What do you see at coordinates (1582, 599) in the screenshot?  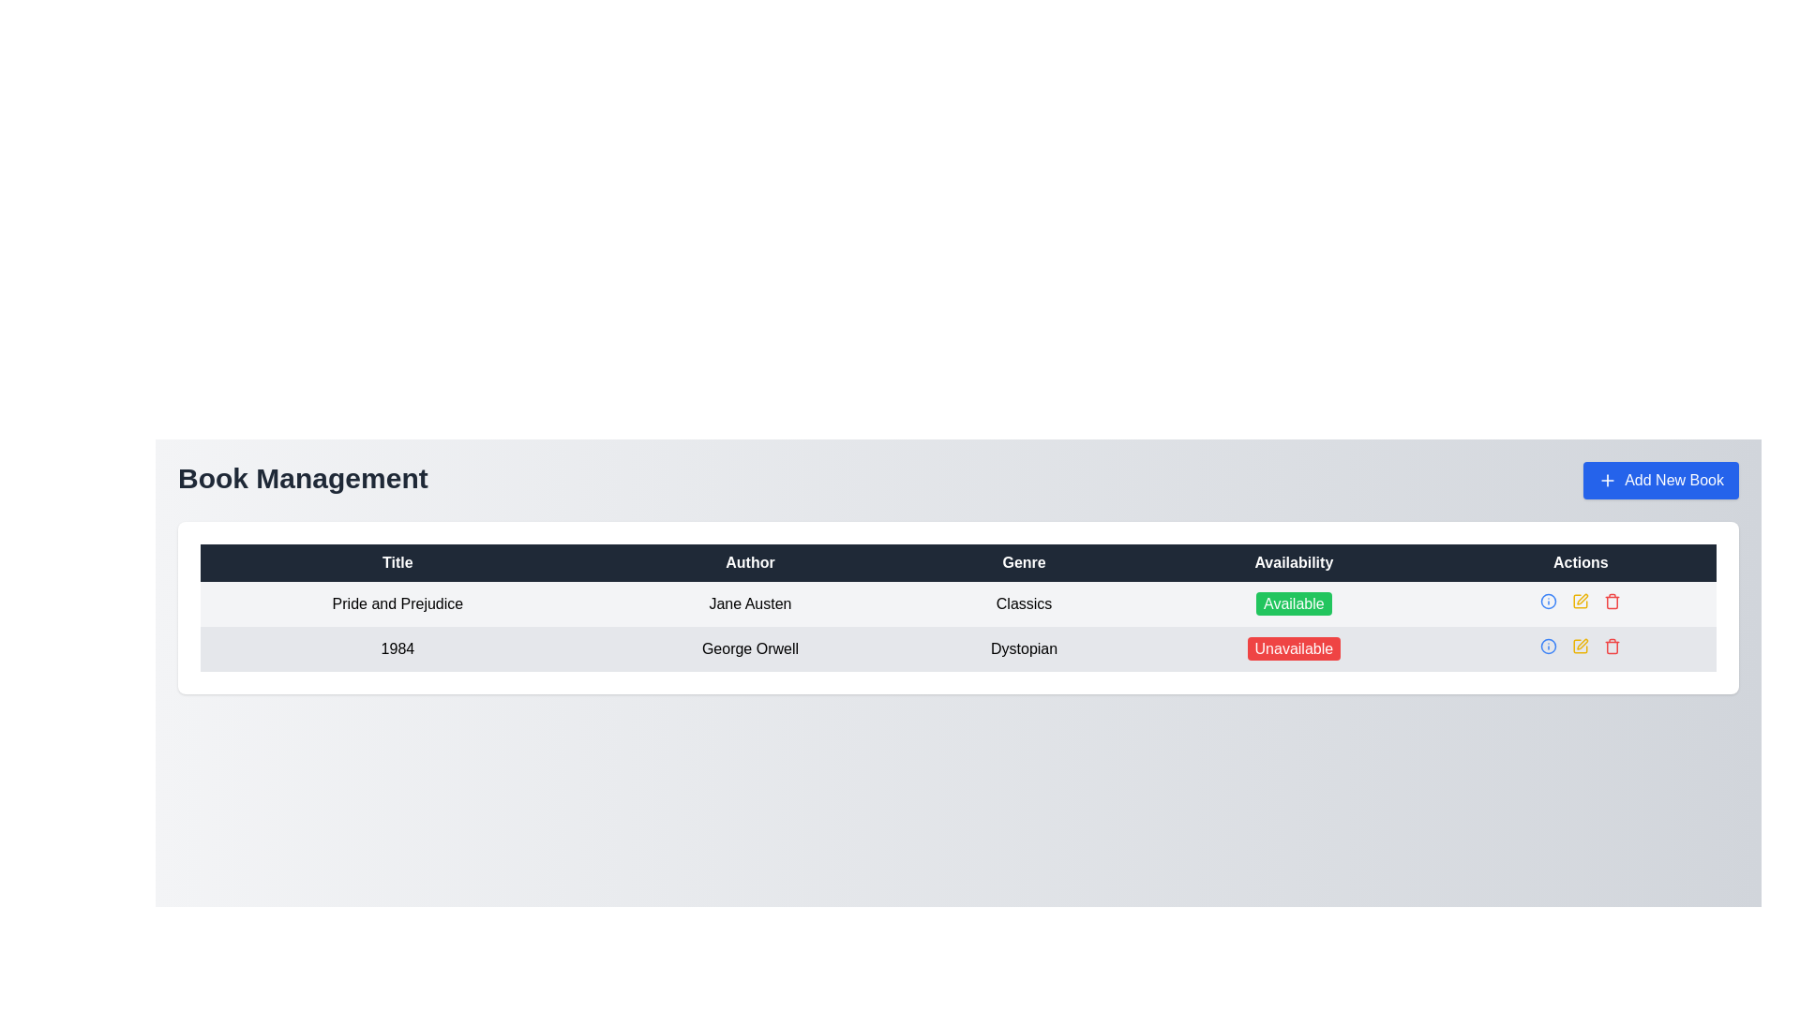 I see `the edit icon button resembling a pen located in the 'Actions' column of the second row of the table for the book '1984'` at bounding box center [1582, 599].